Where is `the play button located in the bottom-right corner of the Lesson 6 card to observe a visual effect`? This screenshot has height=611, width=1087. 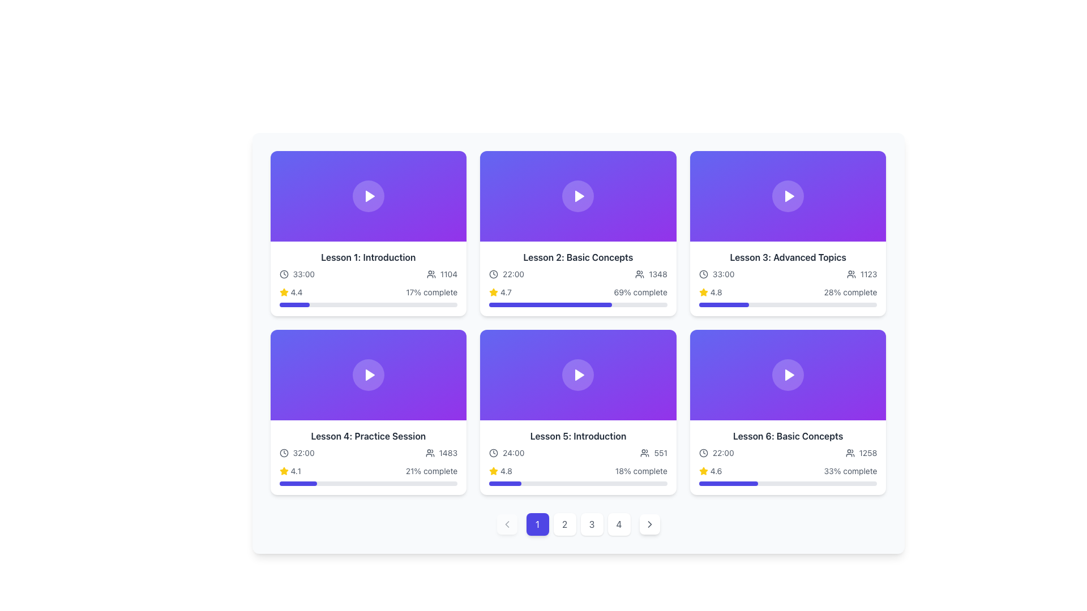
the play button located in the bottom-right corner of the Lesson 6 card to observe a visual effect is located at coordinates (788, 375).